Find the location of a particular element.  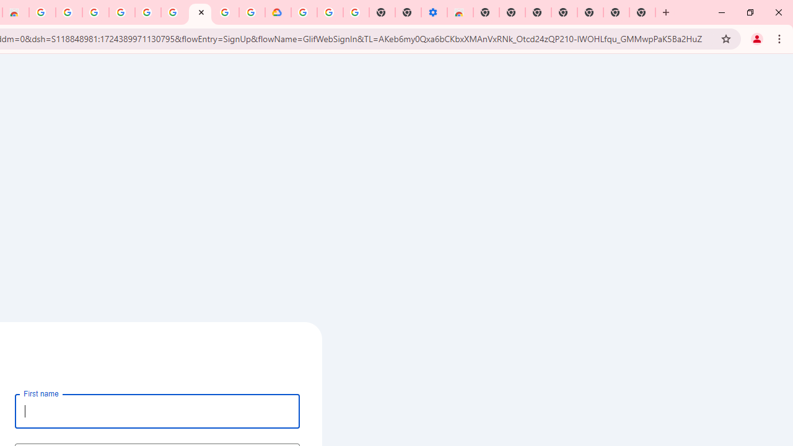

'Ad Settings' is located at coordinates (95, 12).